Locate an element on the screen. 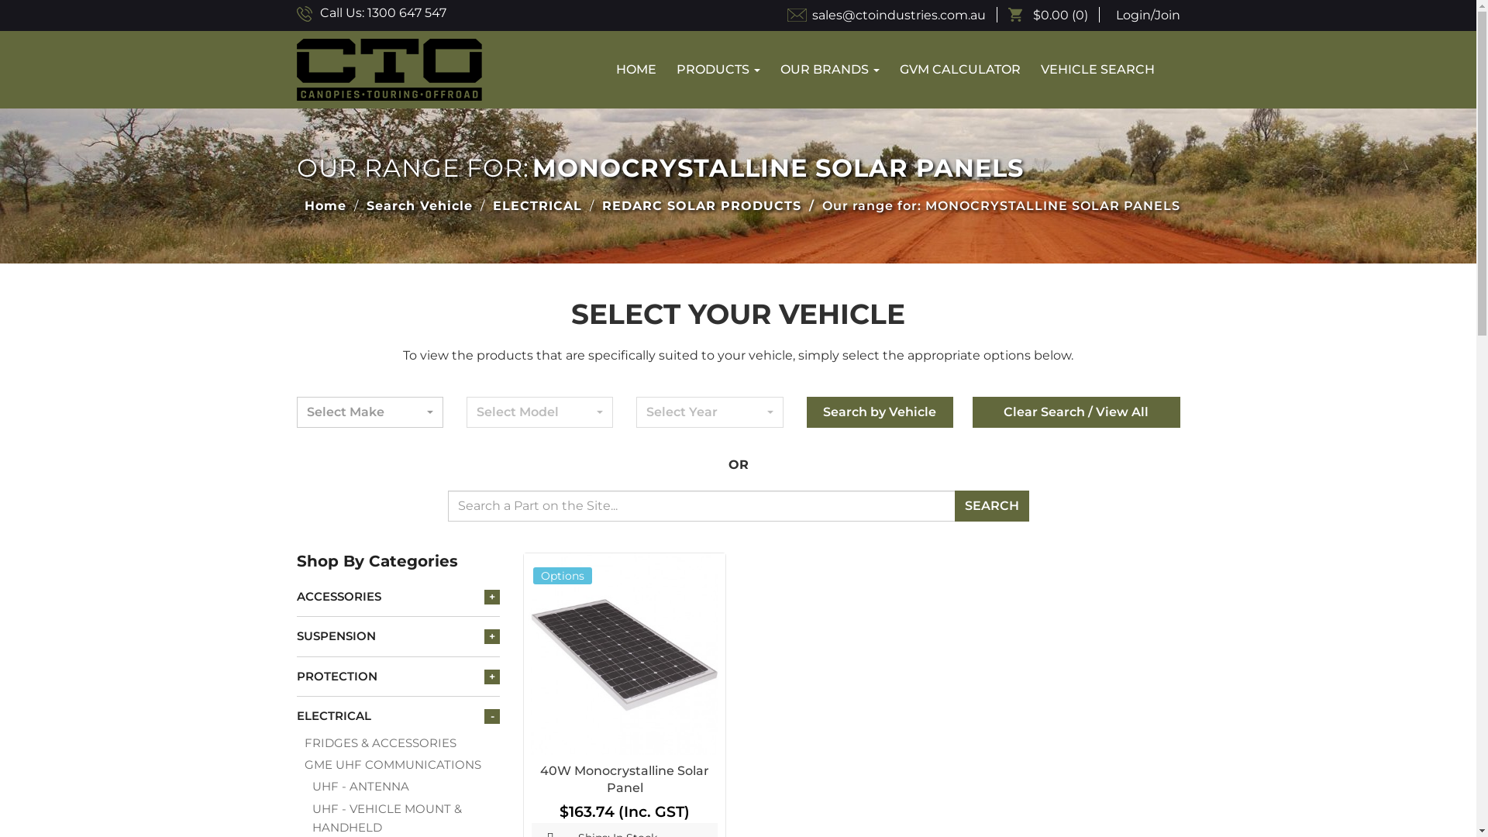  '40W Monocrystalline Solar Panel' is located at coordinates (625, 779).